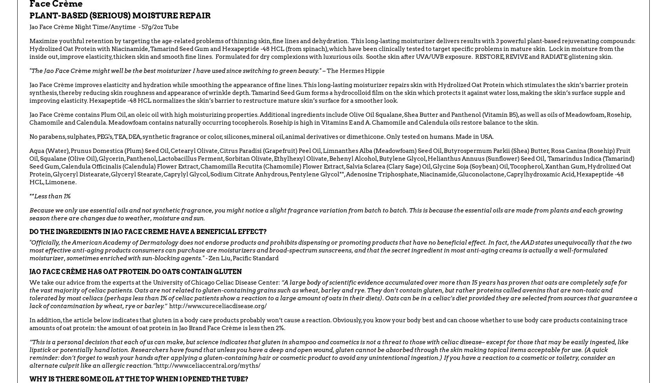 This screenshot has width=667, height=383. I want to click on 'PLANT-BASED (SERIOUS) MOISTURE REPAIR', so click(120, 15).